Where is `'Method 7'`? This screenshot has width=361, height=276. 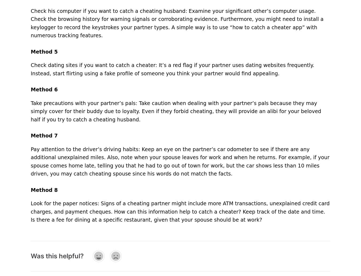 'Method 7' is located at coordinates (44, 135).